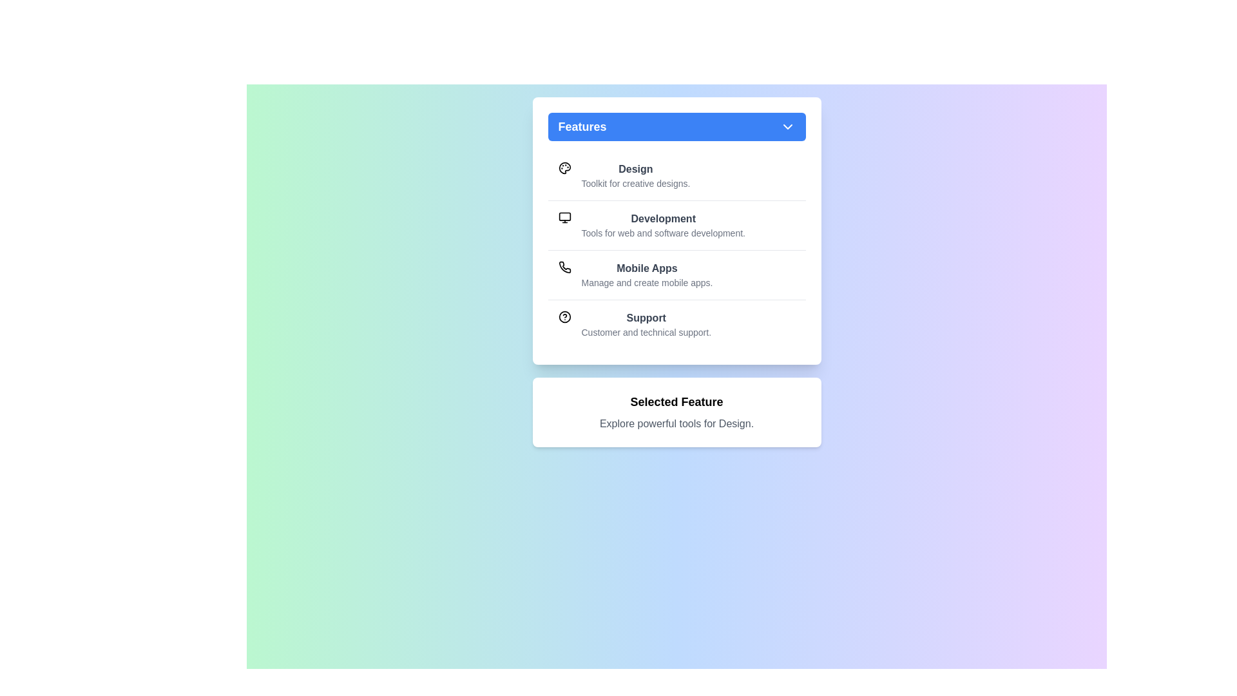  What do you see at coordinates (676, 274) in the screenshot?
I see `the feature Mobile Apps from the list` at bounding box center [676, 274].